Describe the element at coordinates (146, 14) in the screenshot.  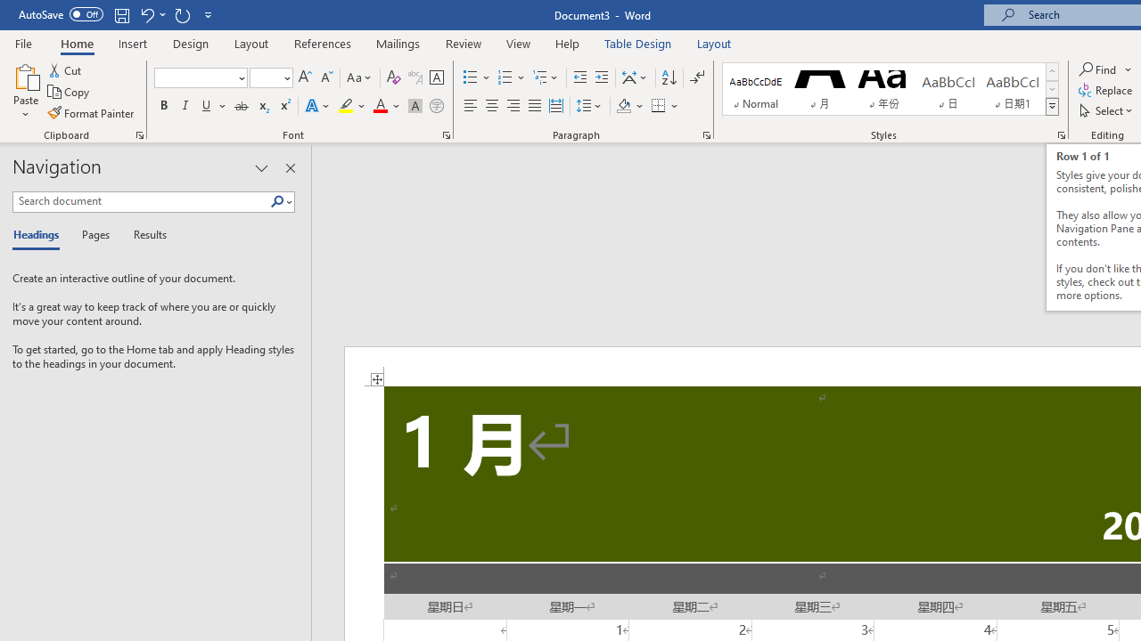
I see `'Undo Distribute Para'` at that location.